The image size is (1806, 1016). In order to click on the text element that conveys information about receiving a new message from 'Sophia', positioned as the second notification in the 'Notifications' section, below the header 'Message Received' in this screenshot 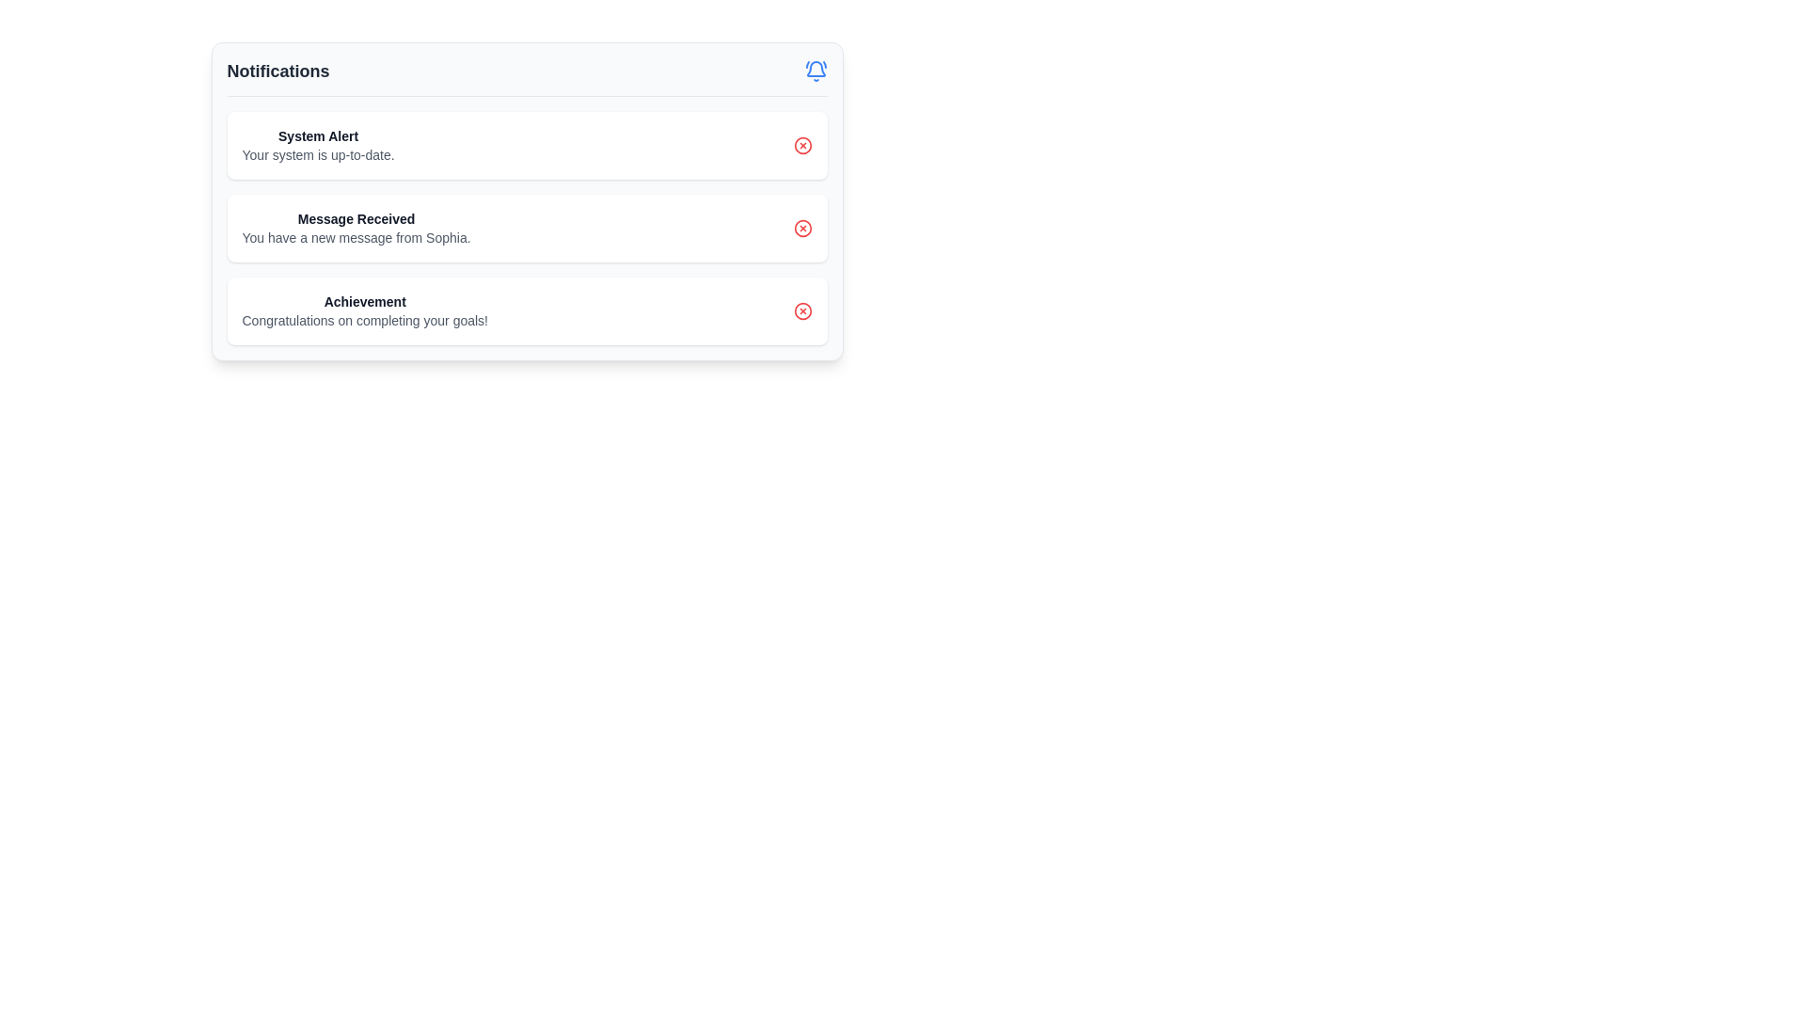, I will do `click(356, 237)`.